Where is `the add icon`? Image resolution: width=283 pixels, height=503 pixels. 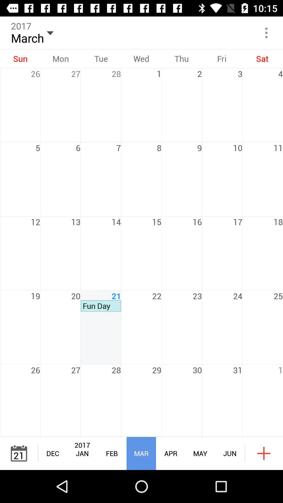 the add icon is located at coordinates (264, 453).